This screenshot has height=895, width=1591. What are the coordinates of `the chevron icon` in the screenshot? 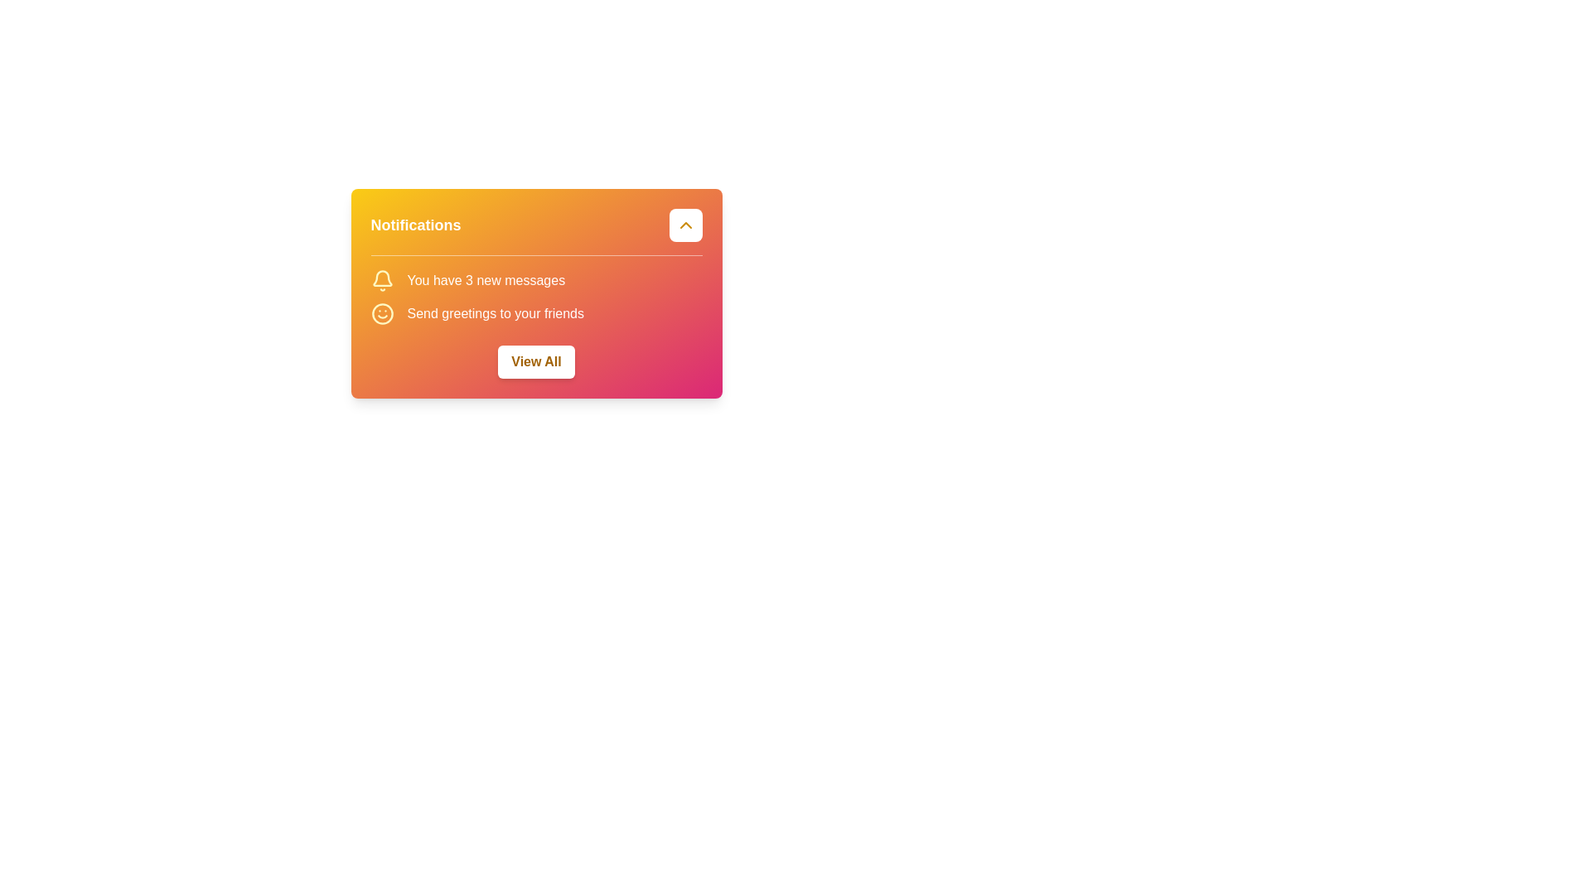 It's located at (685, 225).